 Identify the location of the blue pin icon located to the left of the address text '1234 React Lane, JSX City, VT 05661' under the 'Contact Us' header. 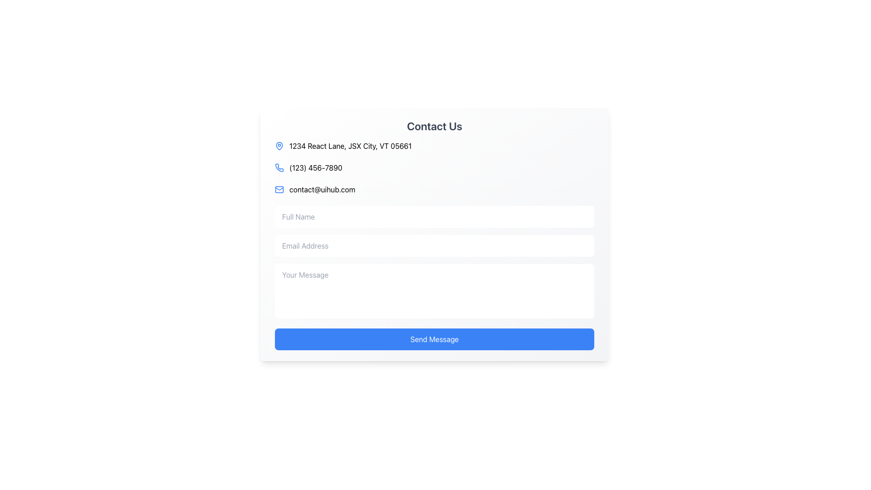
(279, 145).